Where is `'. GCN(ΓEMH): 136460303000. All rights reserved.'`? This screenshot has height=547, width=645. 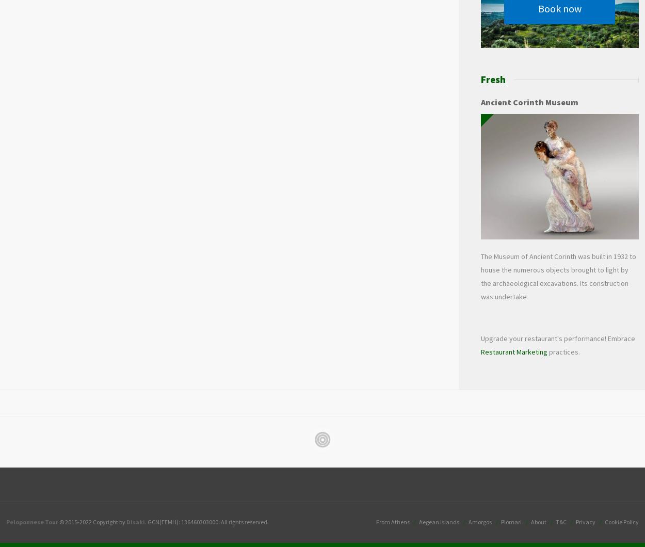 '. GCN(ΓEMH): 136460303000. All rights reserved.' is located at coordinates (145, 521).